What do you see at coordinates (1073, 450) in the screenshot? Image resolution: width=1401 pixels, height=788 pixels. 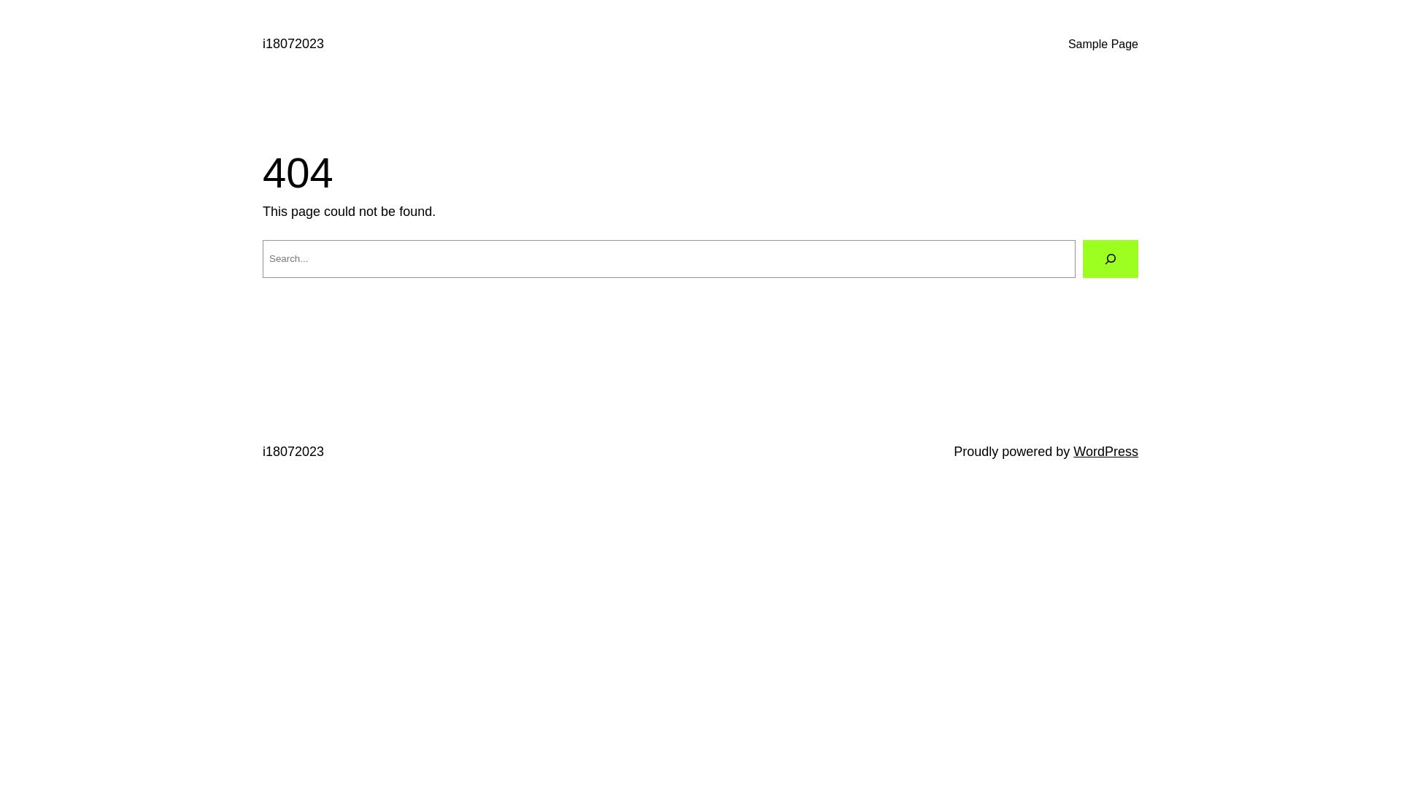 I see `'WordPress'` at bounding box center [1073, 450].